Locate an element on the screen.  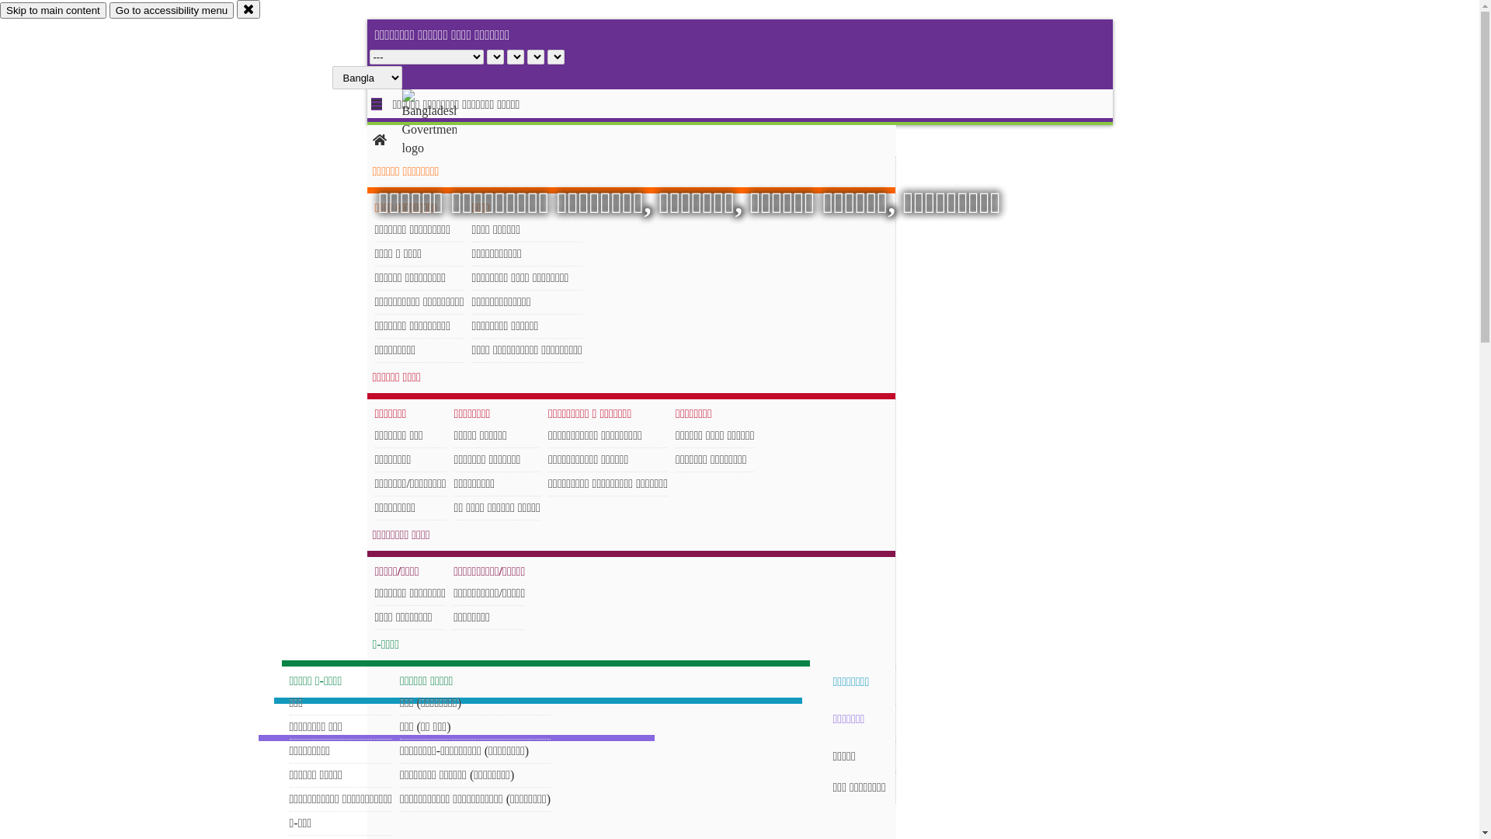
' is located at coordinates (442, 122).